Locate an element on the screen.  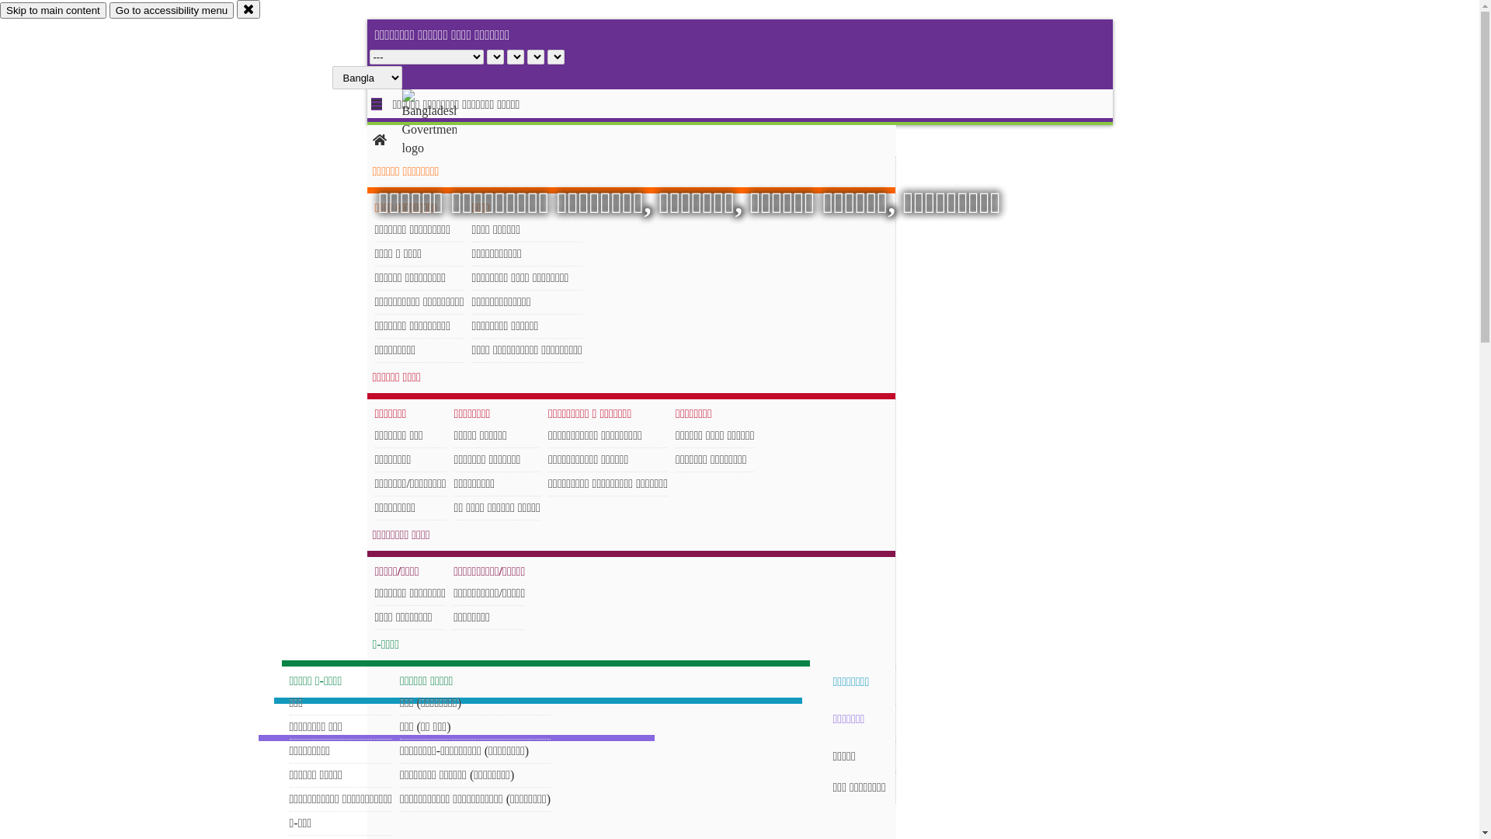
' is located at coordinates (442, 122).